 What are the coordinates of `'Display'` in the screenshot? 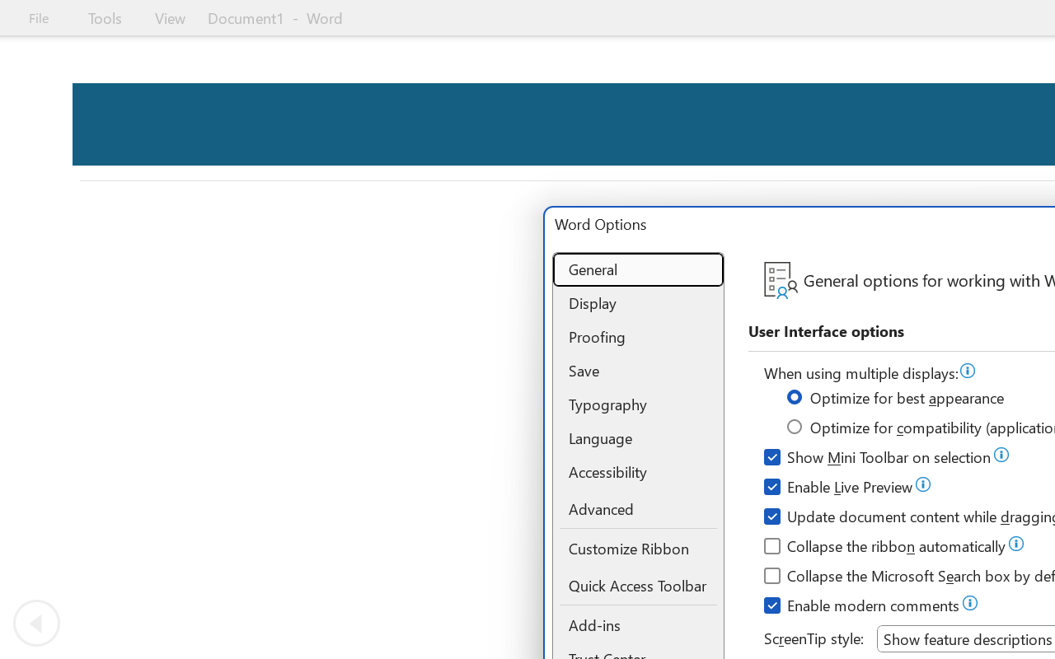 It's located at (637, 302).